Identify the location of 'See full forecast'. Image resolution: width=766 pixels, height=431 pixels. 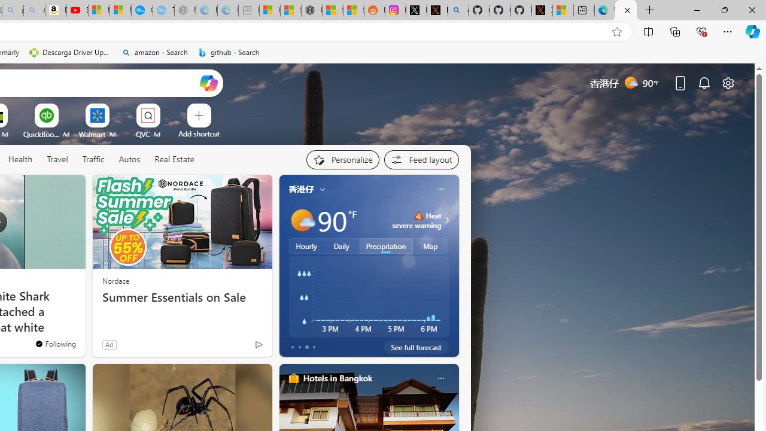
(416, 347).